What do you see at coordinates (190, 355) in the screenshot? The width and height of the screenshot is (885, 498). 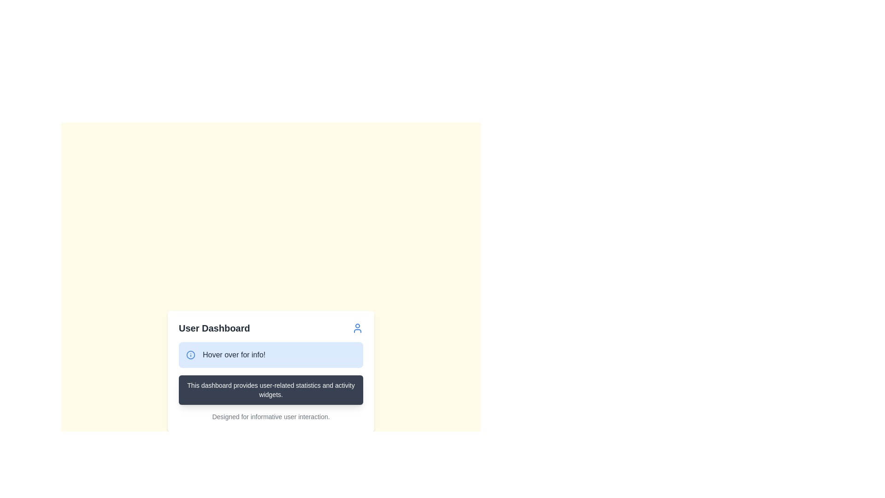 I see `the SVG circle element, which is part of an icon with a blue stroke, located to the left of the 'Hover over for info!' message` at bounding box center [190, 355].